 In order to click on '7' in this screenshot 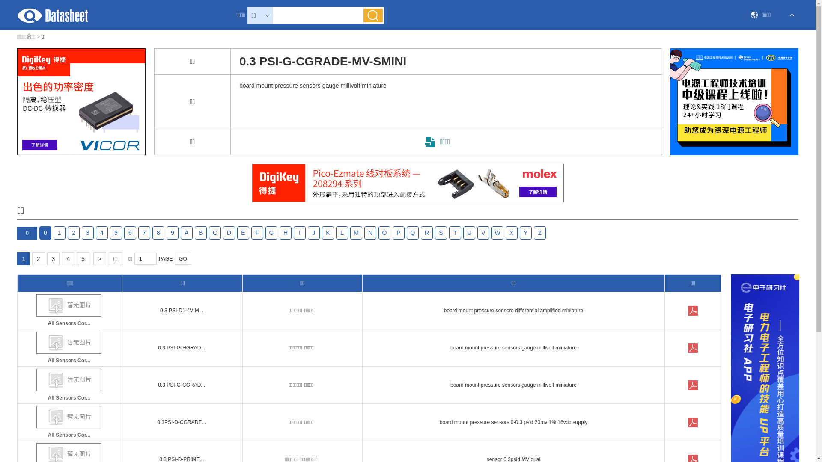, I will do `click(144, 233)`.